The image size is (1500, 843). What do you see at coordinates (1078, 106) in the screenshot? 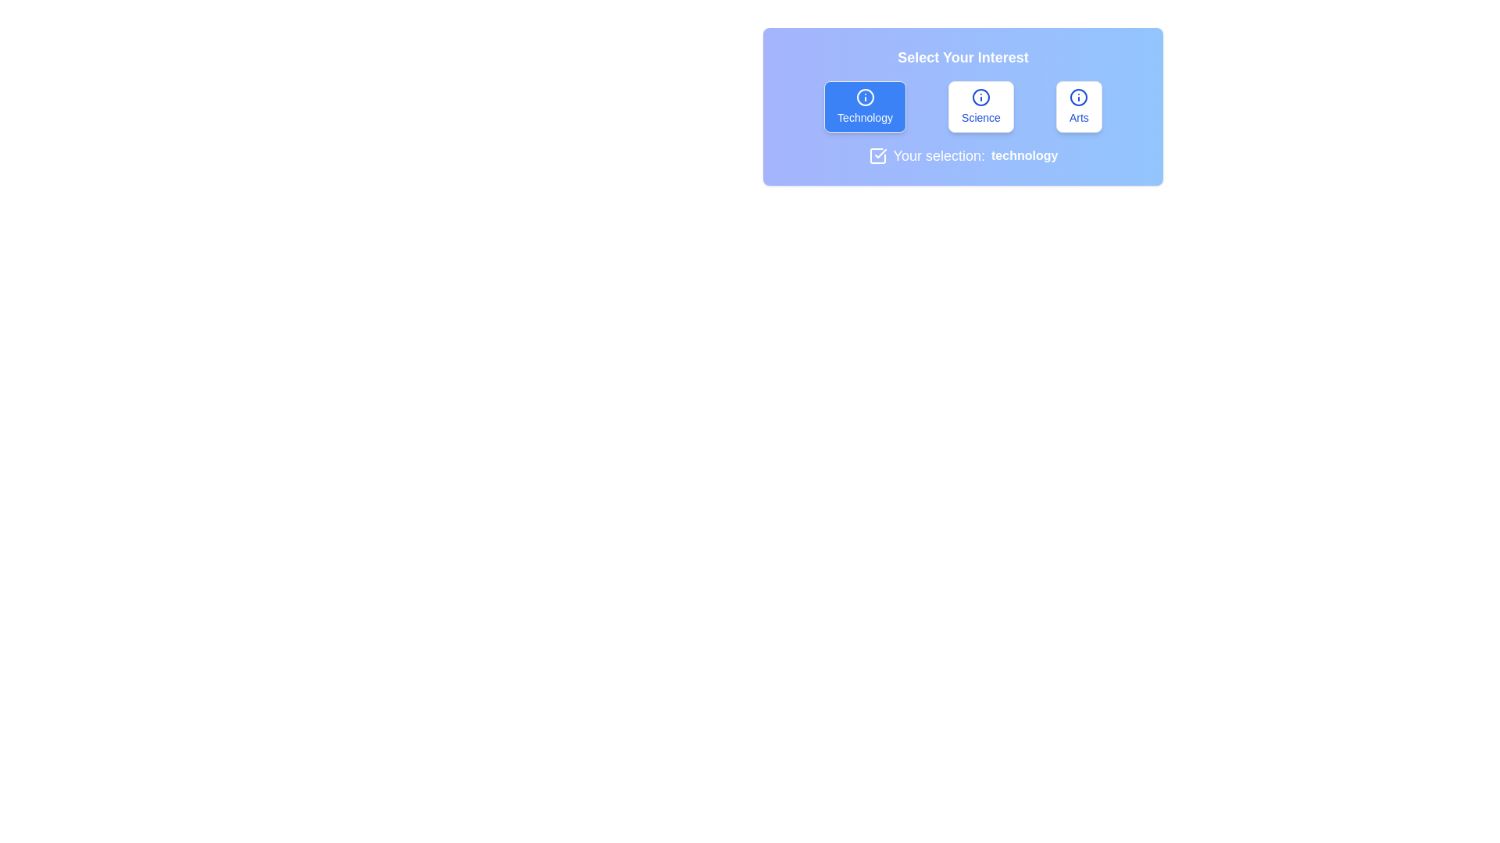
I see `the 'Arts' button to select it` at bounding box center [1078, 106].